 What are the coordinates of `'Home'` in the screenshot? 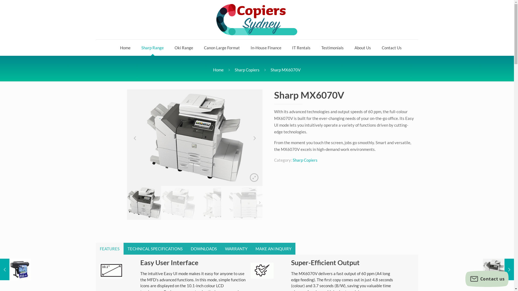 It's located at (125, 47).